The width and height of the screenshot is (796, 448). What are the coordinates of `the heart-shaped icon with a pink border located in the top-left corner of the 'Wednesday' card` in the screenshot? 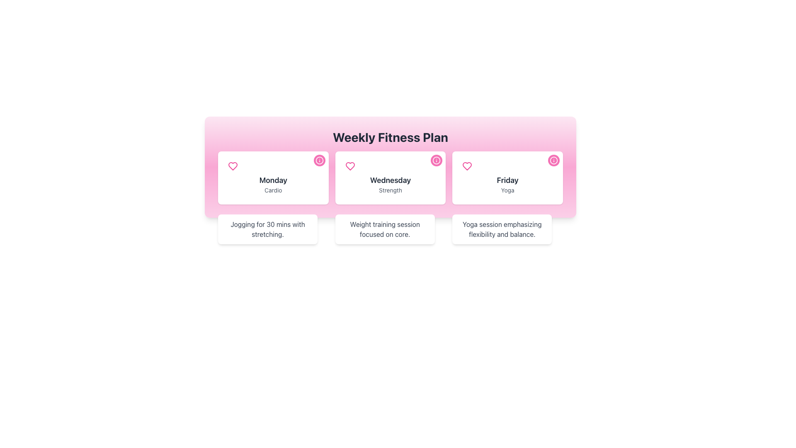 It's located at (350, 166).